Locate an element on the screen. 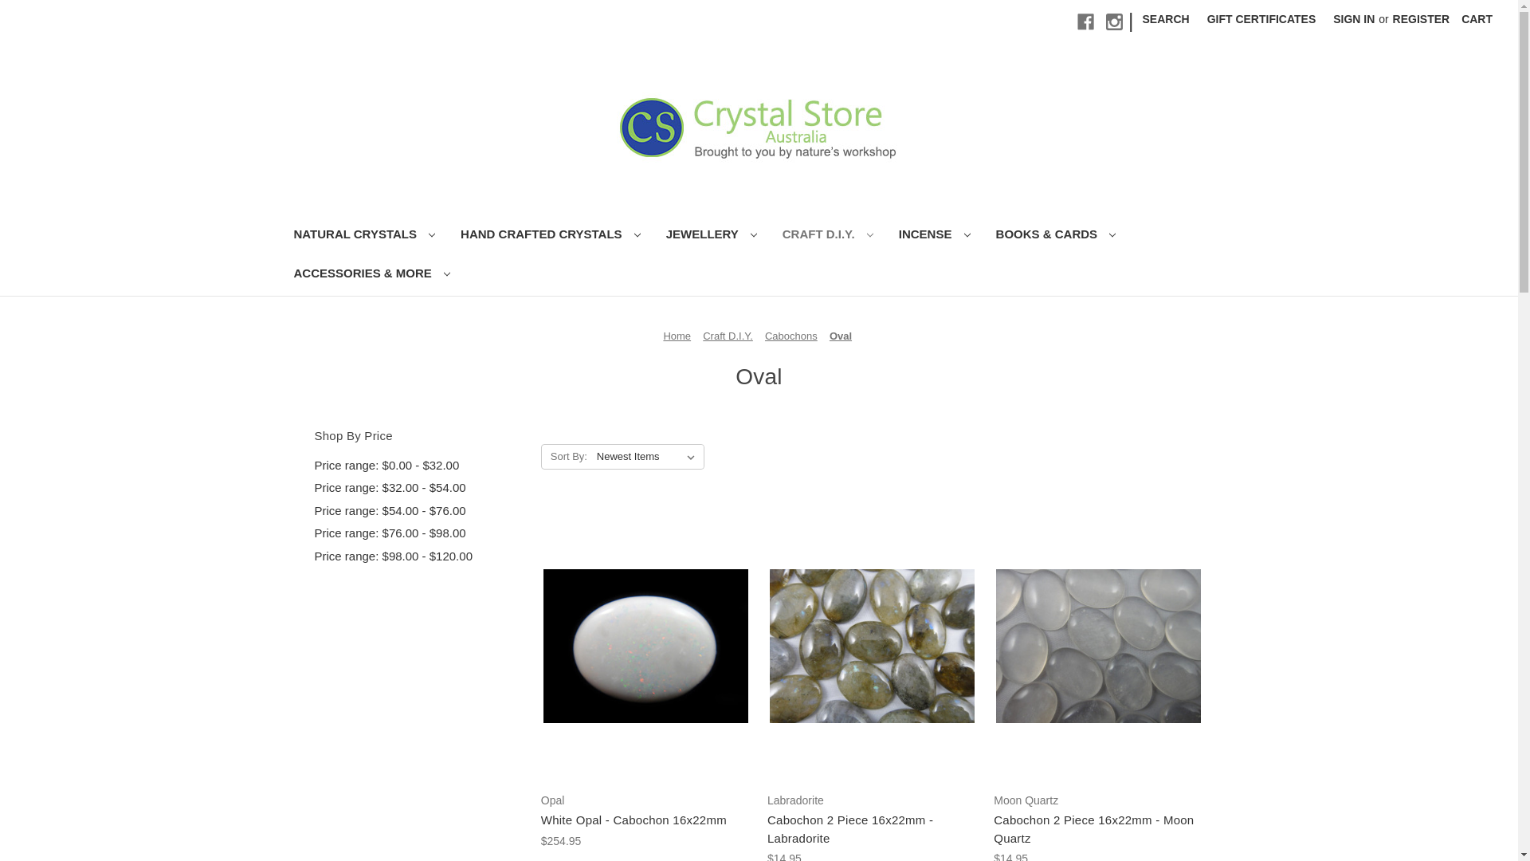  'GIFT CERTIFICATES' is located at coordinates (1261, 19).